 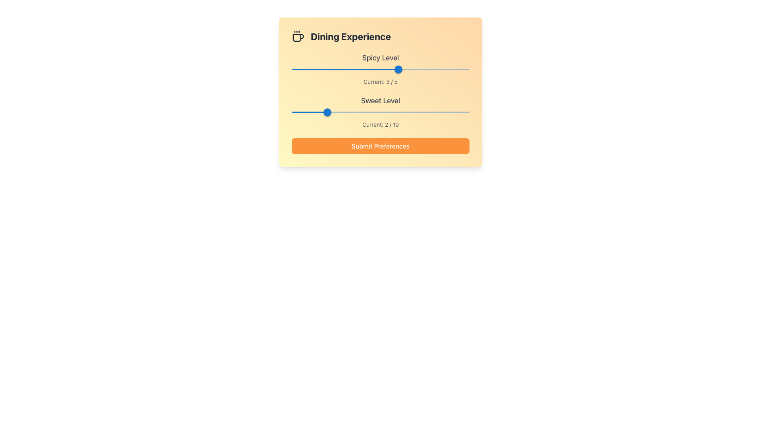 What do you see at coordinates (370, 112) in the screenshot?
I see `the sweet level` at bounding box center [370, 112].